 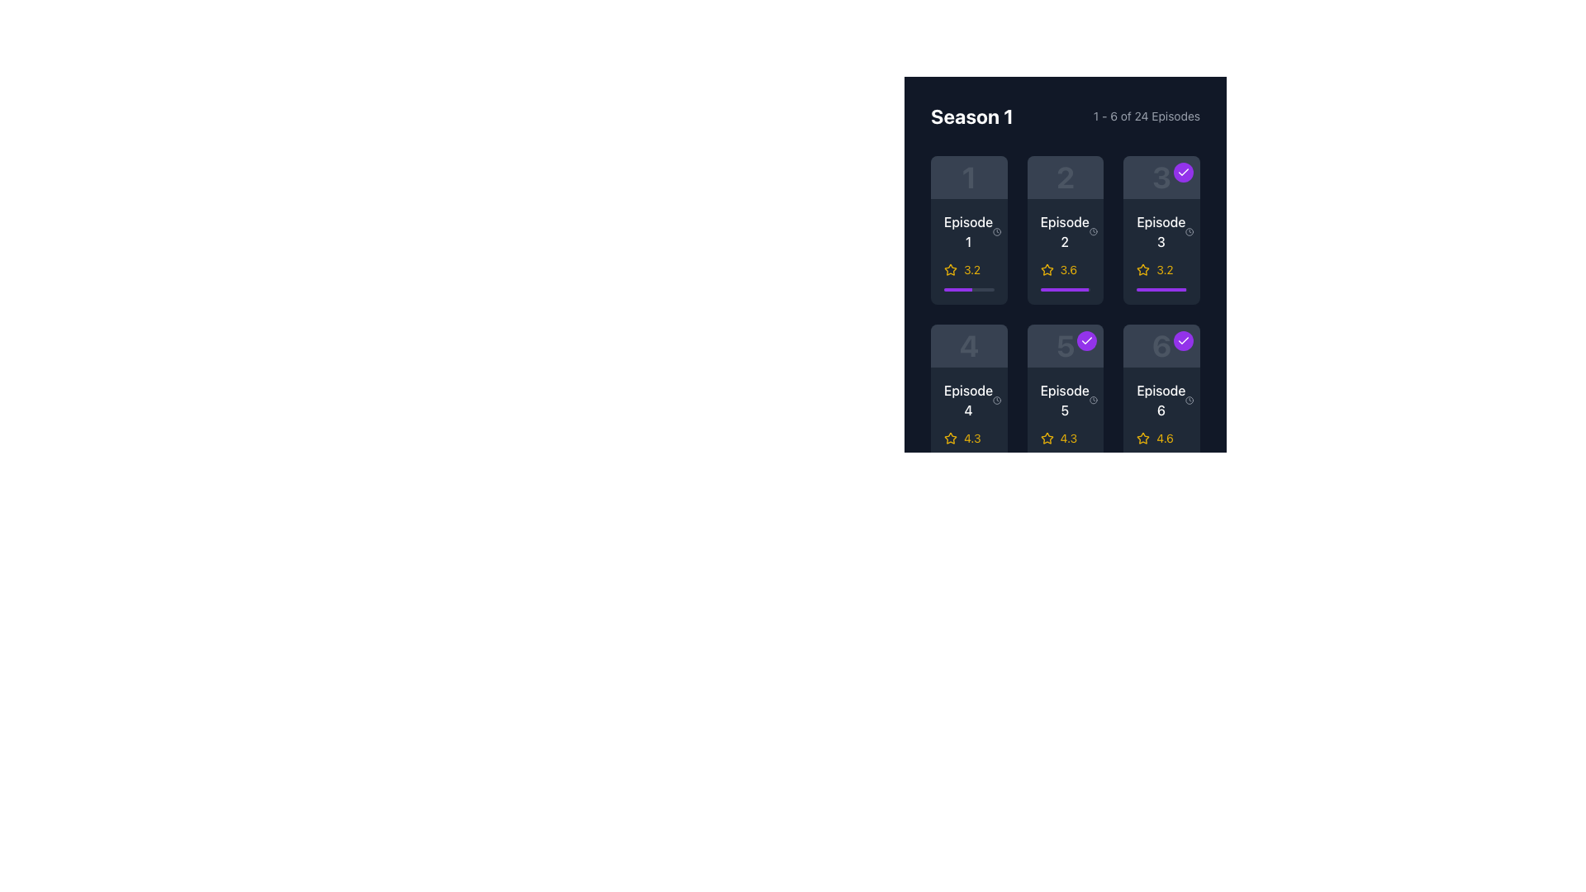 I want to click on the circular graphical element representing the base of the clock icon located in the 'Episode 2' card in the grid layout, so click(x=1094, y=232).